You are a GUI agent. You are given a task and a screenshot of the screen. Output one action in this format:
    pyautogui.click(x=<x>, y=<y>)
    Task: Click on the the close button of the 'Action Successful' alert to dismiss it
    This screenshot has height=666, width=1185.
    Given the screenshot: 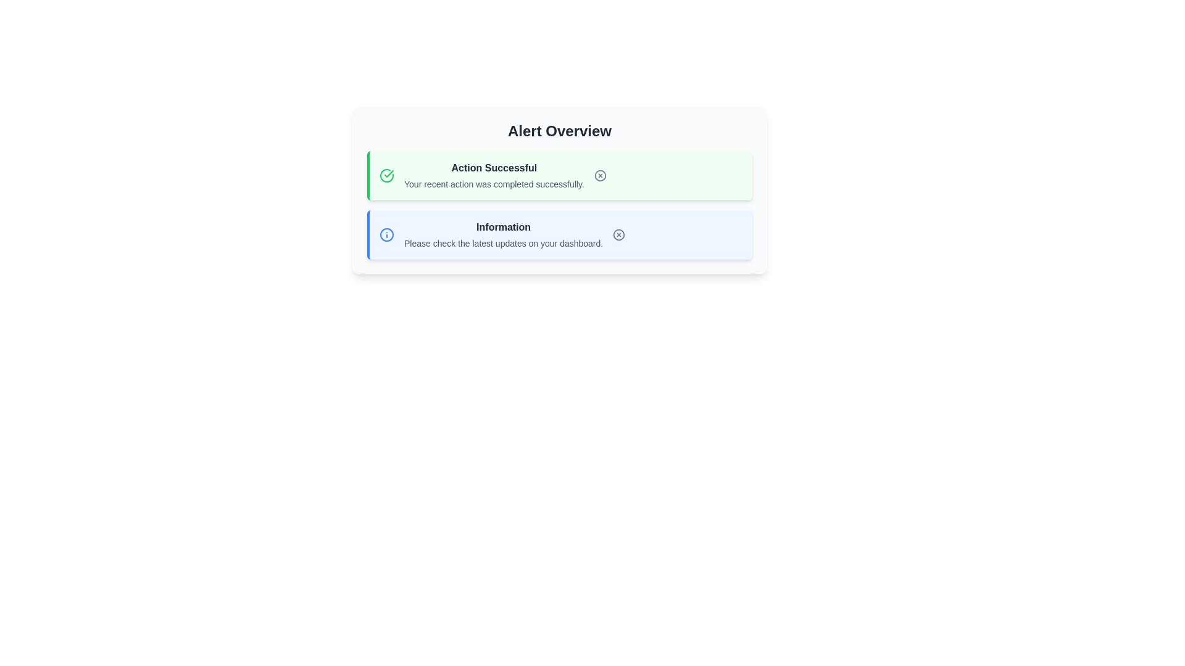 What is the action you would take?
    pyautogui.click(x=600, y=176)
    